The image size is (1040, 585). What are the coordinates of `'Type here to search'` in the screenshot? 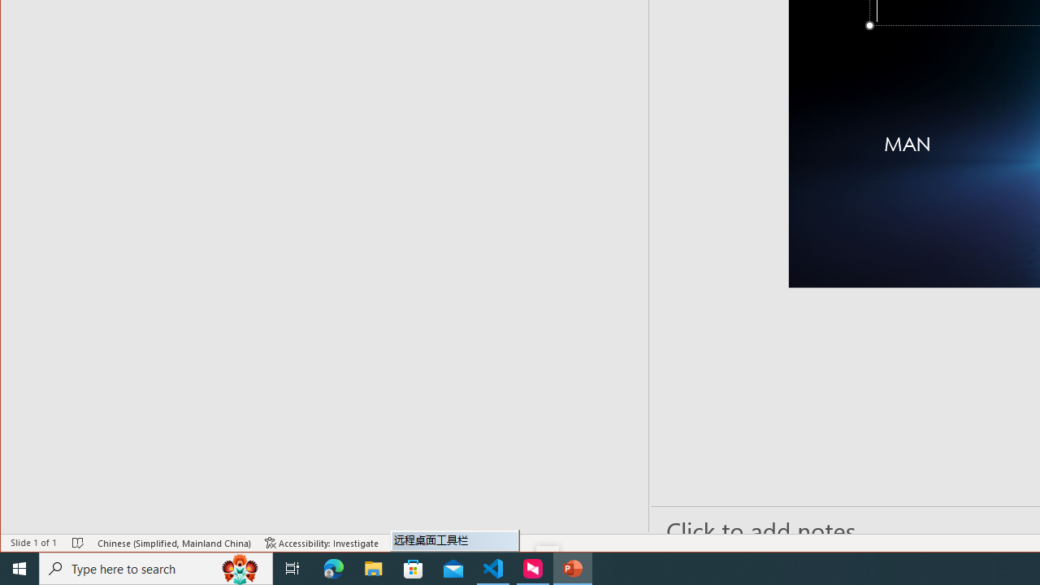 It's located at (156, 567).